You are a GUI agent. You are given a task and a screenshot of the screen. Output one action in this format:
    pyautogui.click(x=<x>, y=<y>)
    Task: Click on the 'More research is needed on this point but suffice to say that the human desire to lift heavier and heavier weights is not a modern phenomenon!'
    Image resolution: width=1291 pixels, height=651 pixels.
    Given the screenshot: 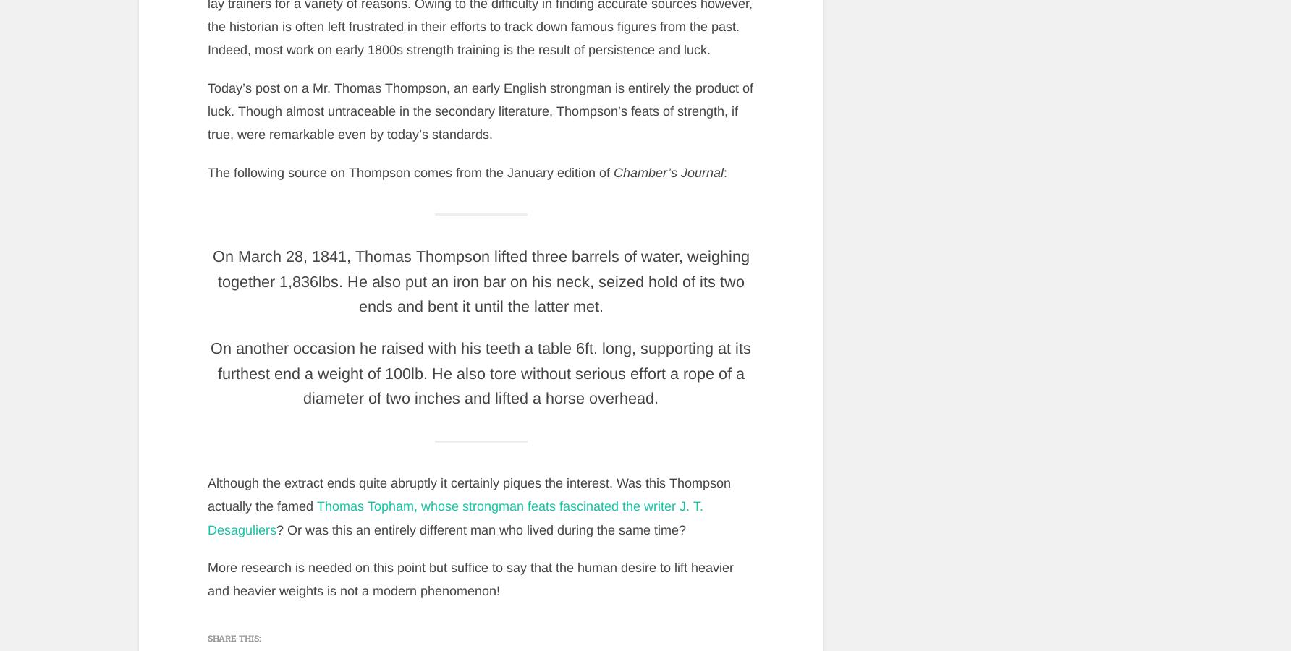 What is the action you would take?
    pyautogui.click(x=206, y=579)
    